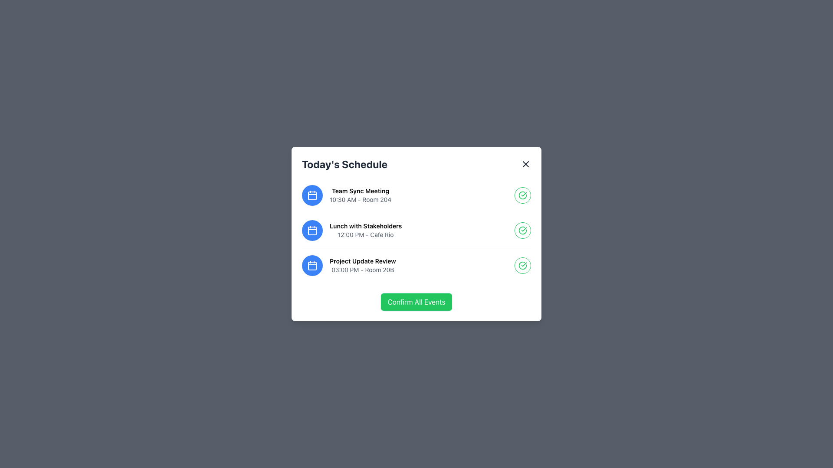 The width and height of the screenshot is (833, 468). I want to click on text content of the Text Display labeled 'Project Update Review' with additional details '03:00 PM - Room 20B', which is the third event in the list of scheduled events, so click(363, 265).